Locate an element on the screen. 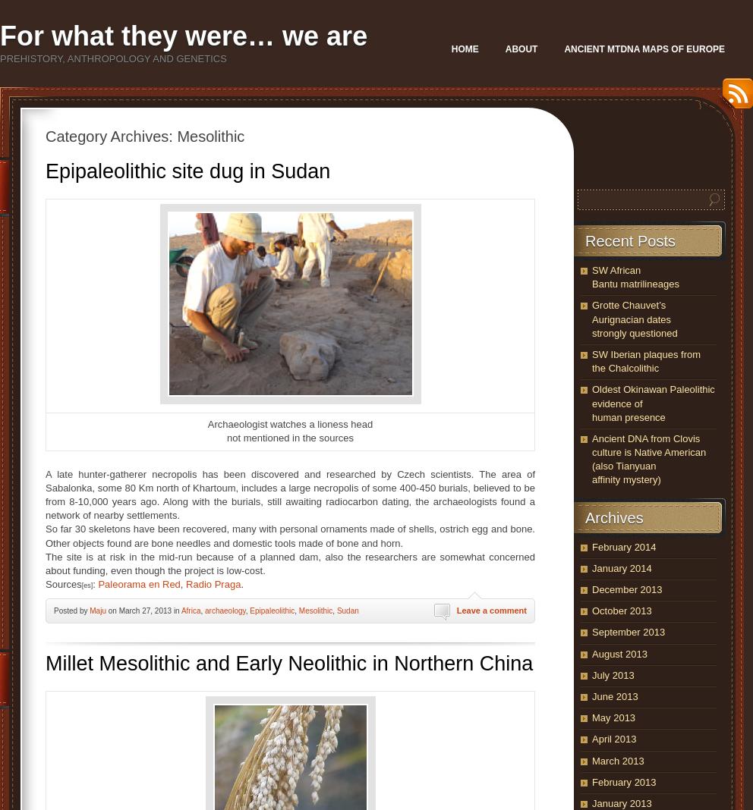 The height and width of the screenshot is (810, 753). 'September 2013' is located at coordinates (628, 631).